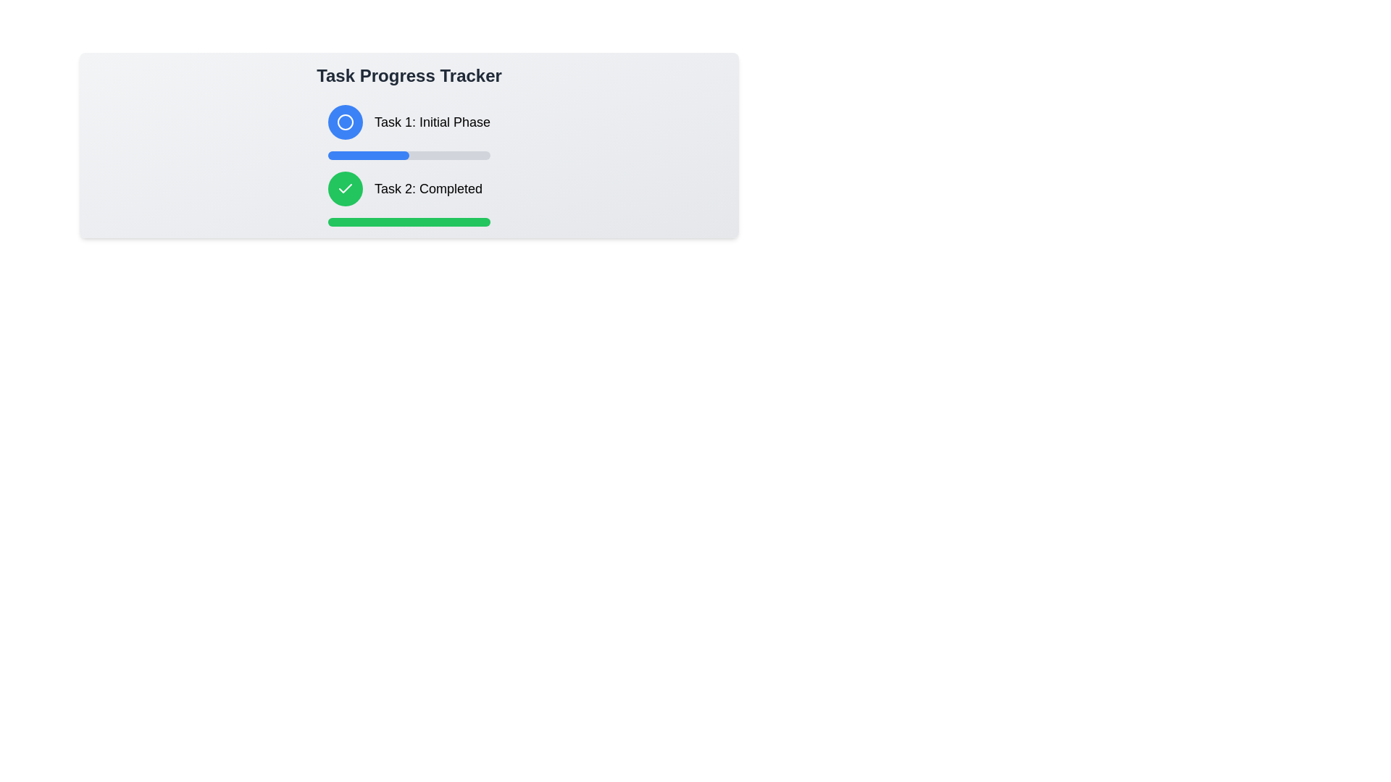 Image resolution: width=1391 pixels, height=782 pixels. I want to click on the Task item label which consists of a circular blue icon and the text 'Task 1: Initial Phase', positioned below the 'Task Progress Tracker', so click(409, 122).